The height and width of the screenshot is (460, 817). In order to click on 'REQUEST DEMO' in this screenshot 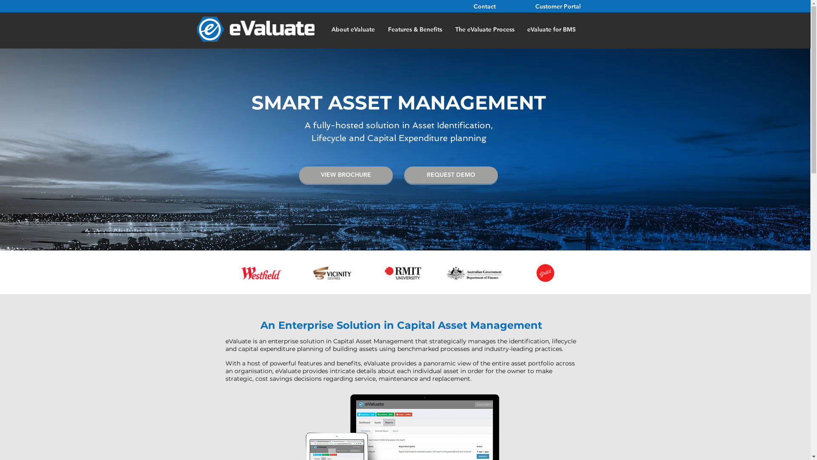, I will do `click(451, 174)`.